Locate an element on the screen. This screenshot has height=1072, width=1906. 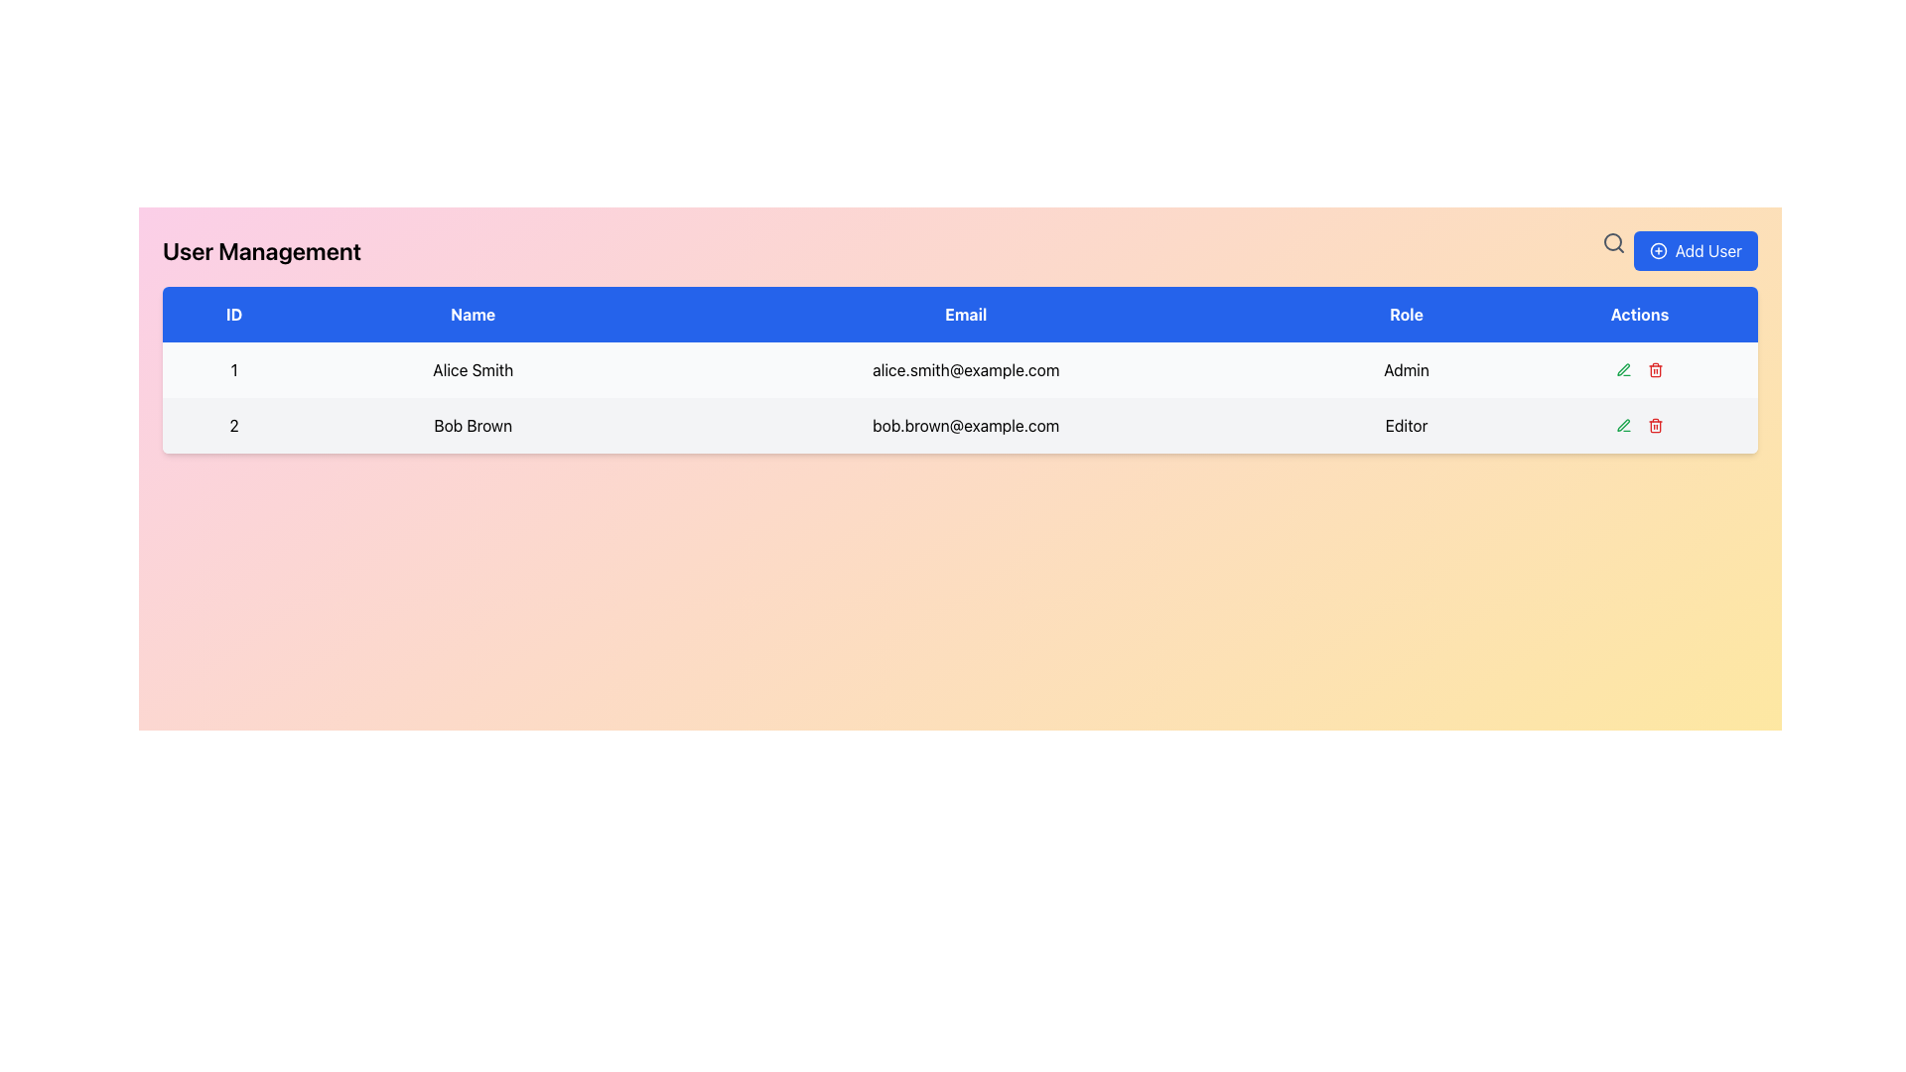
text 'ID' from the table header cell that indicates the ID column, located at the top-left area of the table is located at coordinates (234, 313).